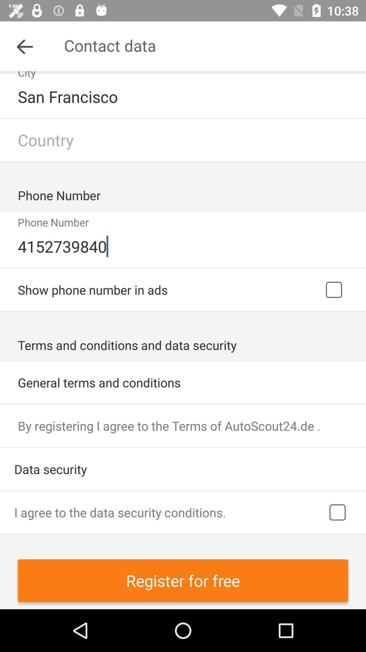 The height and width of the screenshot is (652, 366). What do you see at coordinates (184, 96) in the screenshot?
I see `the icon below the city item` at bounding box center [184, 96].